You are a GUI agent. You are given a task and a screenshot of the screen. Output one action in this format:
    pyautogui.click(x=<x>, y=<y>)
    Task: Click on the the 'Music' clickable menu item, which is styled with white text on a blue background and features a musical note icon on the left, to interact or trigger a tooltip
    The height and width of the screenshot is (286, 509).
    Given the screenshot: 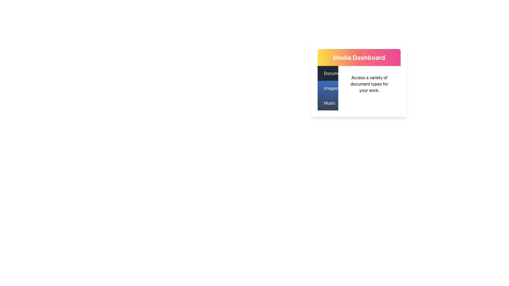 What is the action you would take?
    pyautogui.click(x=328, y=103)
    